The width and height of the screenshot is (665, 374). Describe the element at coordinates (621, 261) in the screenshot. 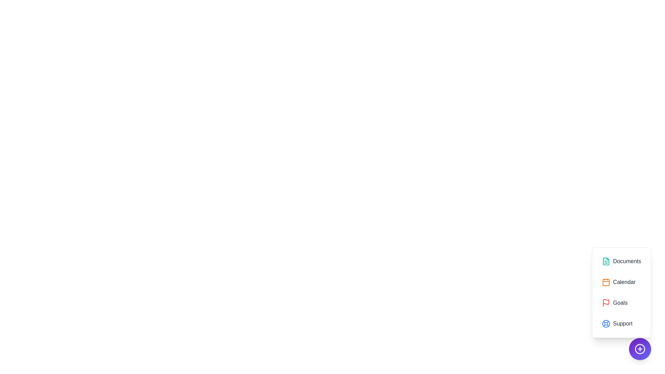

I see `the Documents icon to interact with it` at that location.